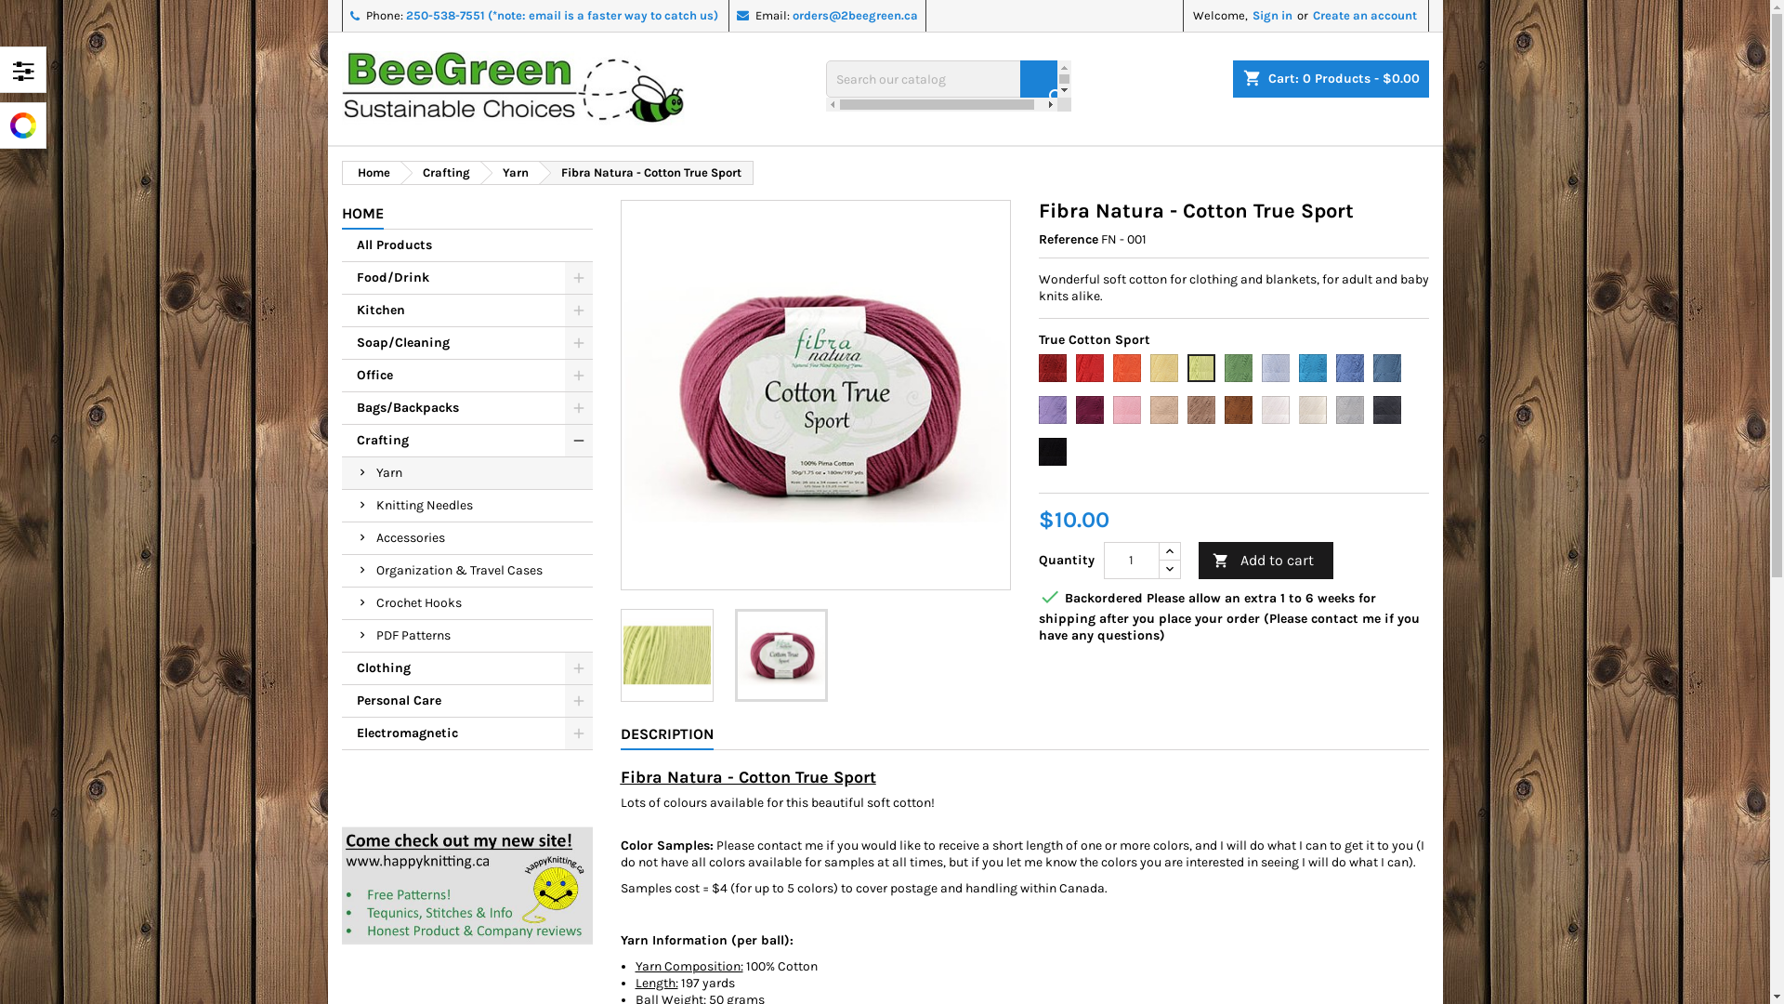 The image size is (1784, 1004). What do you see at coordinates (467, 278) in the screenshot?
I see `'Food/Drink'` at bounding box center [467, 278].